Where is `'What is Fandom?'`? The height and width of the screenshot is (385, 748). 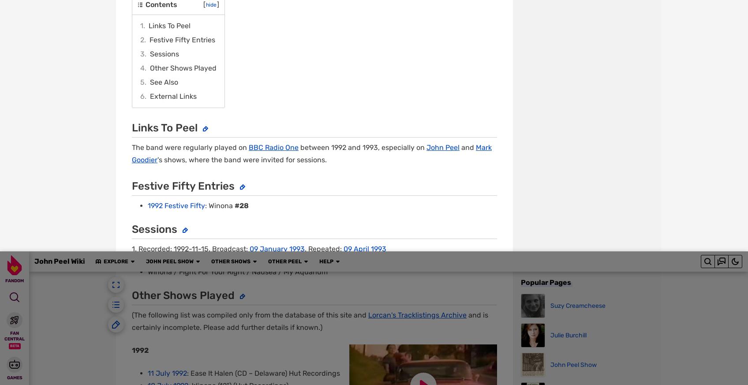 'What is Fandom?' is located at coordinates (306, 348).